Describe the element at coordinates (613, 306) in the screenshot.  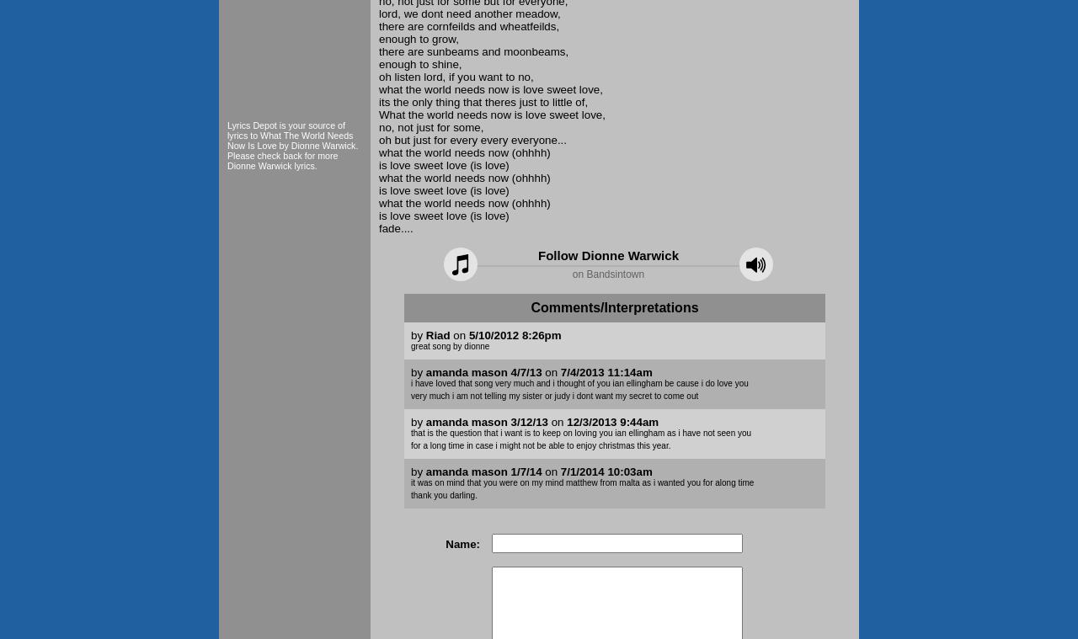
I see `'Comments/Interpretations'` at that location.